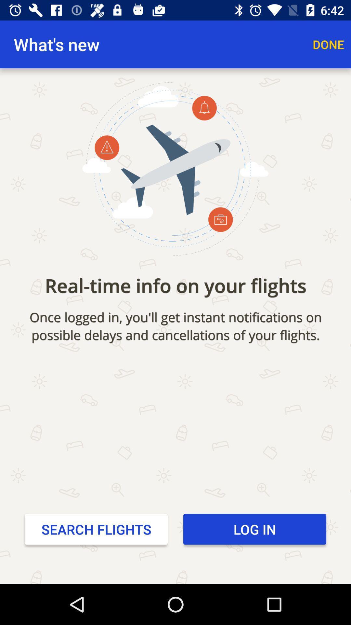 Image resolution: width=351 pixels, height=625 pixels. Describe the element at coordinates (254, 529) in the screenshot. I see `the icon to the right of search flights item` at that location.